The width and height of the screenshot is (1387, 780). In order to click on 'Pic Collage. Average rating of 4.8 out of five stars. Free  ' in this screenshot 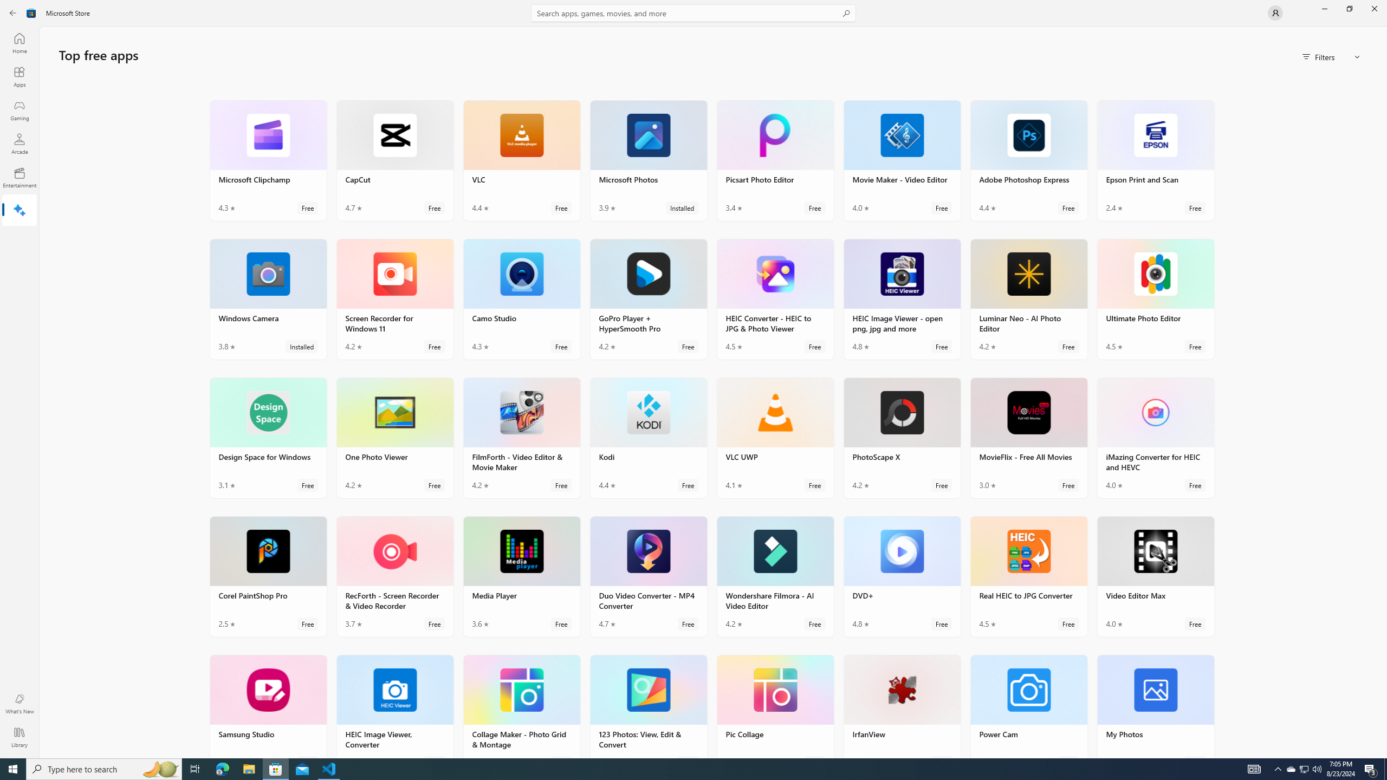, I will do `click(775, 705)`.